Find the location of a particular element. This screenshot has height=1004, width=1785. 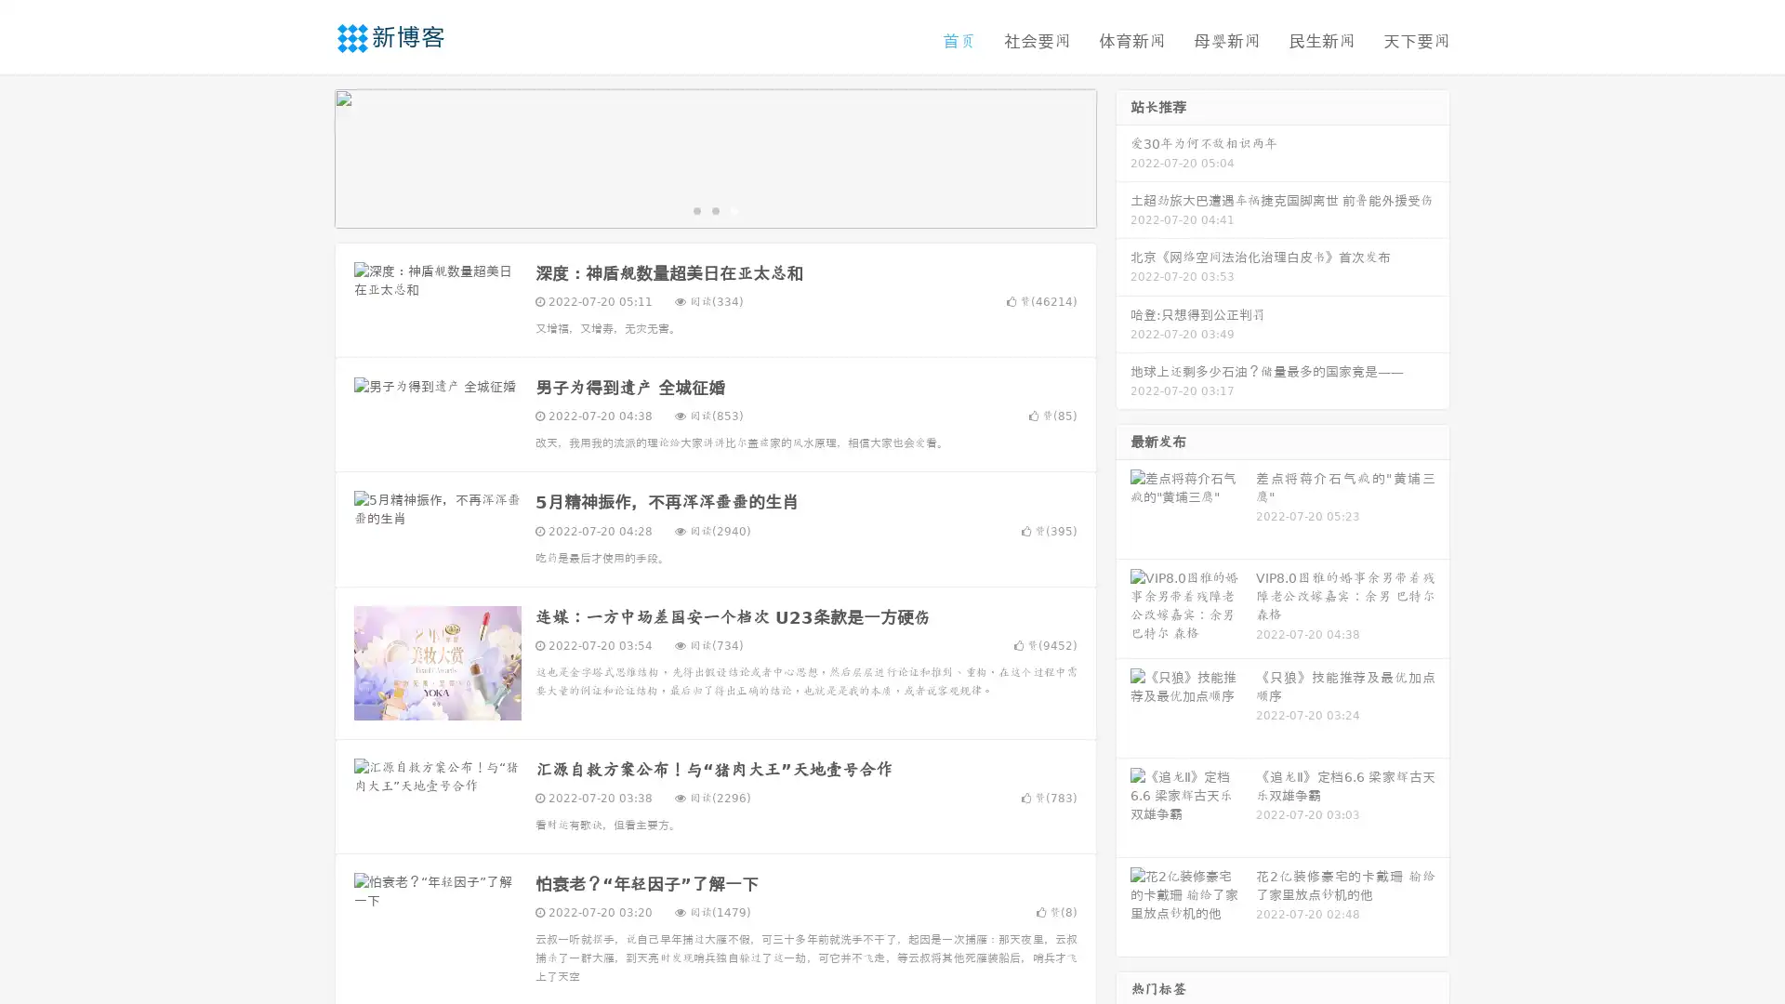

Previous slide is located at coordinates (307, 156).